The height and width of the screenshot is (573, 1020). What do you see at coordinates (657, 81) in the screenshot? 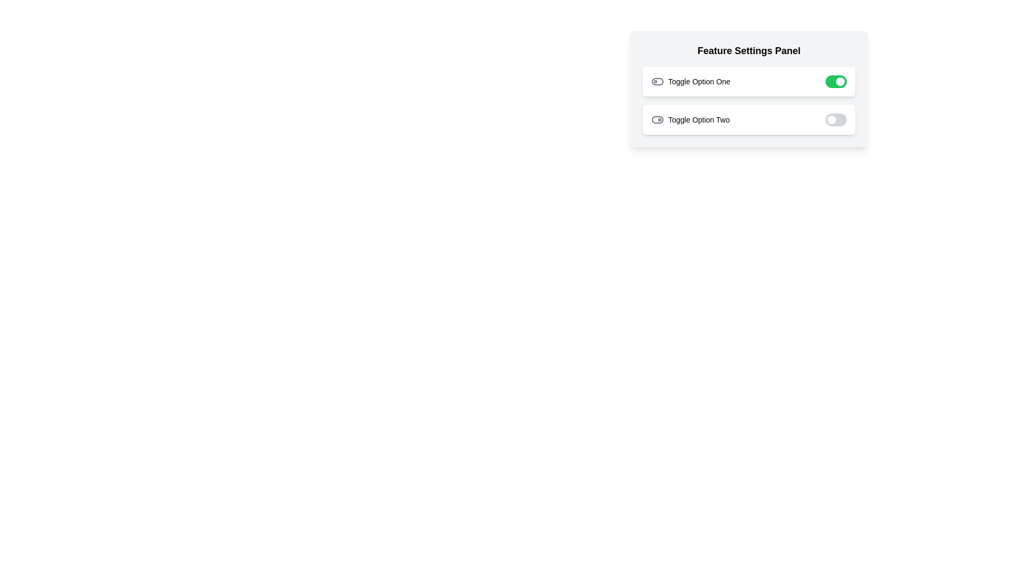
I see `the toggle switch icon in the 'off' position, which is located to the left of the label 'Toggle Option One' in the Feature Settings Panel` at bounding box center [657, 81].